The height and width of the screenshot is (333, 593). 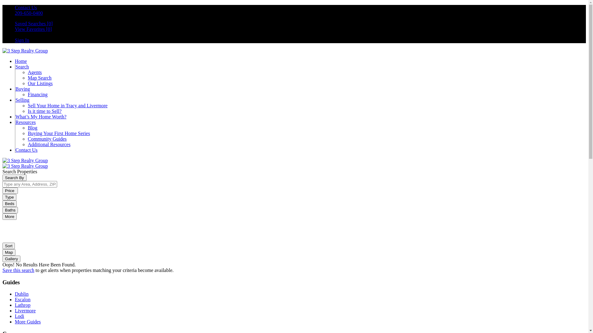 I want to click on 'Baths', so click(x=10, y=210).